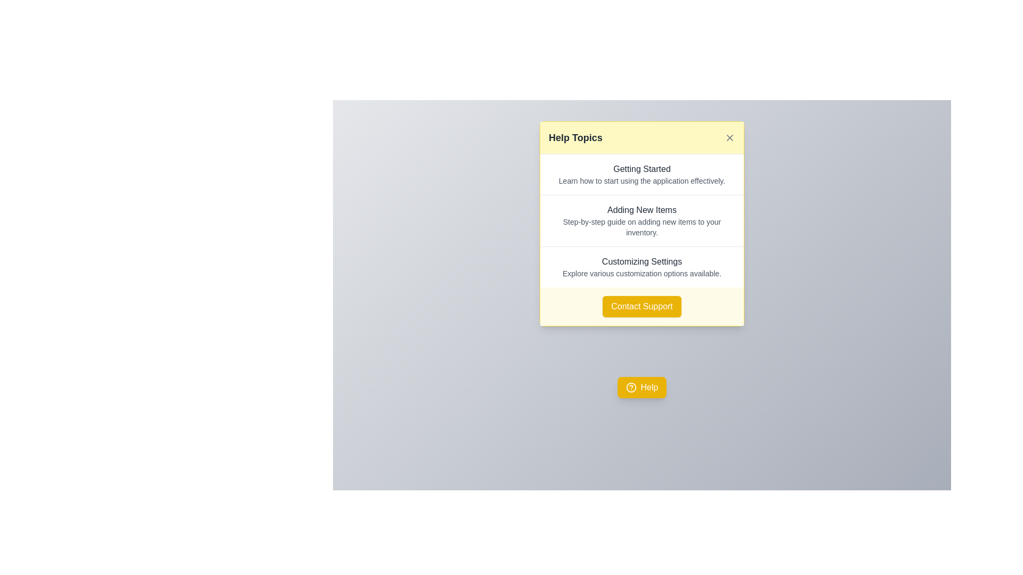 Image resolution: width=1023 pixels, height=575 pixels. Describe the element at coordinates (641, 306) in the screenshot. I see `the 'Contact Support' button located at the bottom of the 'Help Topics' dialog box` at that location.